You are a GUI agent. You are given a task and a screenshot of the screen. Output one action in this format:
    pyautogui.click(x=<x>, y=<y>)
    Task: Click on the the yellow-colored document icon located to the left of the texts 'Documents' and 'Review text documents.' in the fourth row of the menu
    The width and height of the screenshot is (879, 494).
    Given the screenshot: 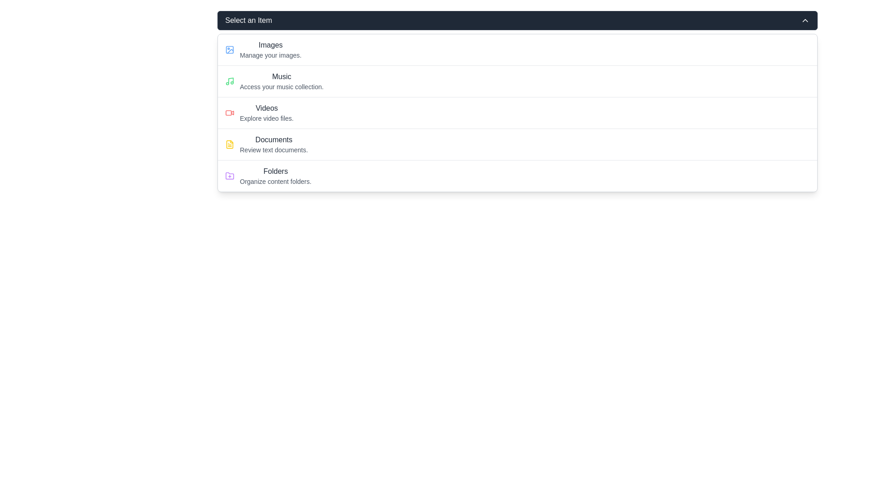 What is the action you would take?
    pyautogui.click(x=230, y=144)
    